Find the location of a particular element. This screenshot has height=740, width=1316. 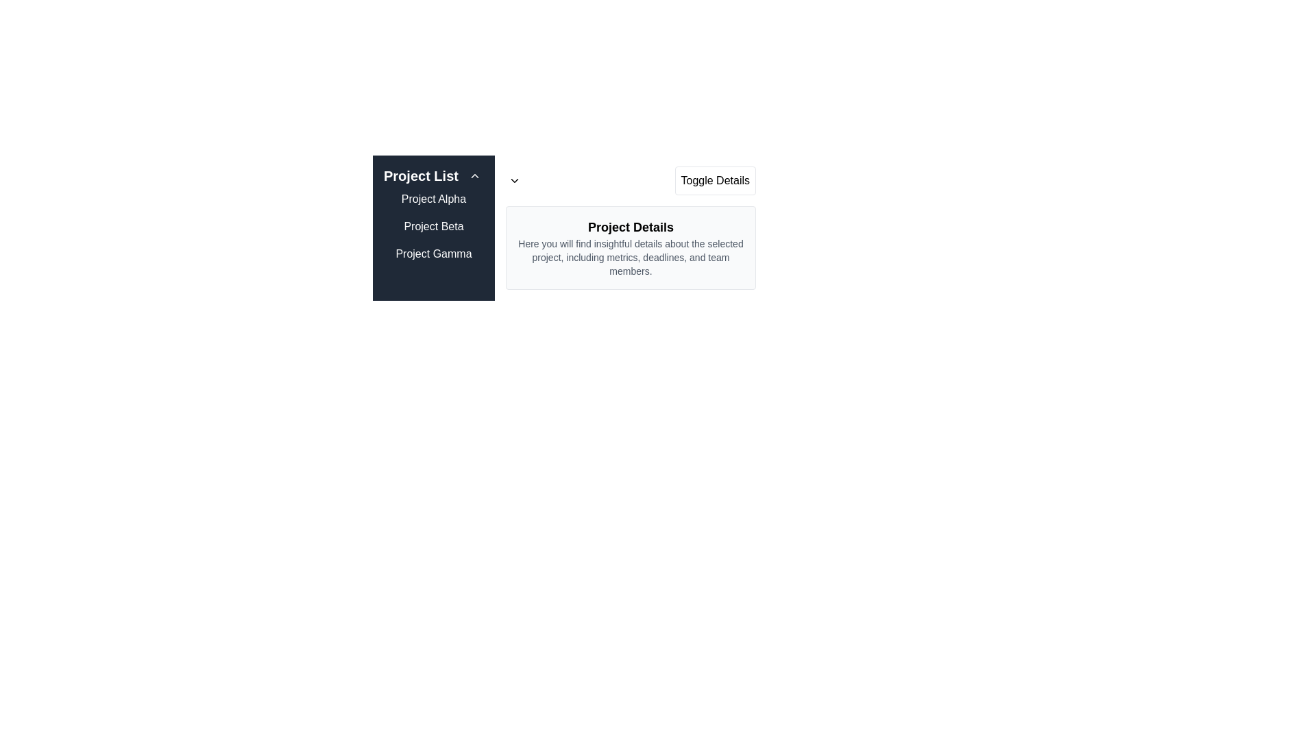

the 'Project Gamma' text label which is displayed in white font and is the third item in the vertical list under the 'Project List' menu is located at coordinates (433, 254).